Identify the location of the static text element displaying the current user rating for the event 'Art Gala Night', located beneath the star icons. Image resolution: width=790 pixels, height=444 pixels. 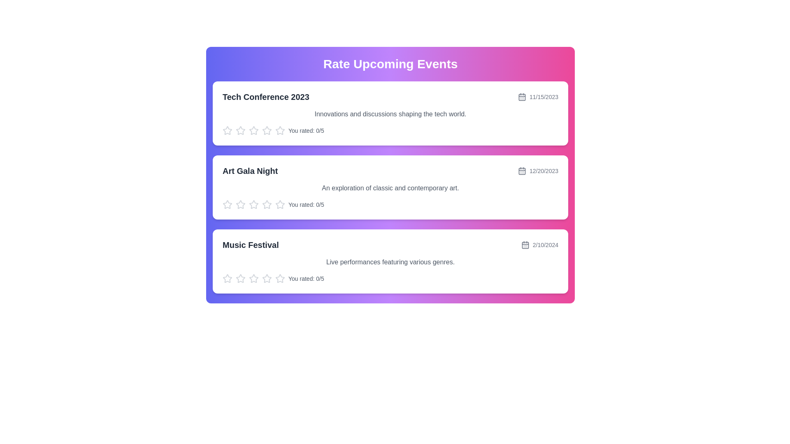
(306, 204).